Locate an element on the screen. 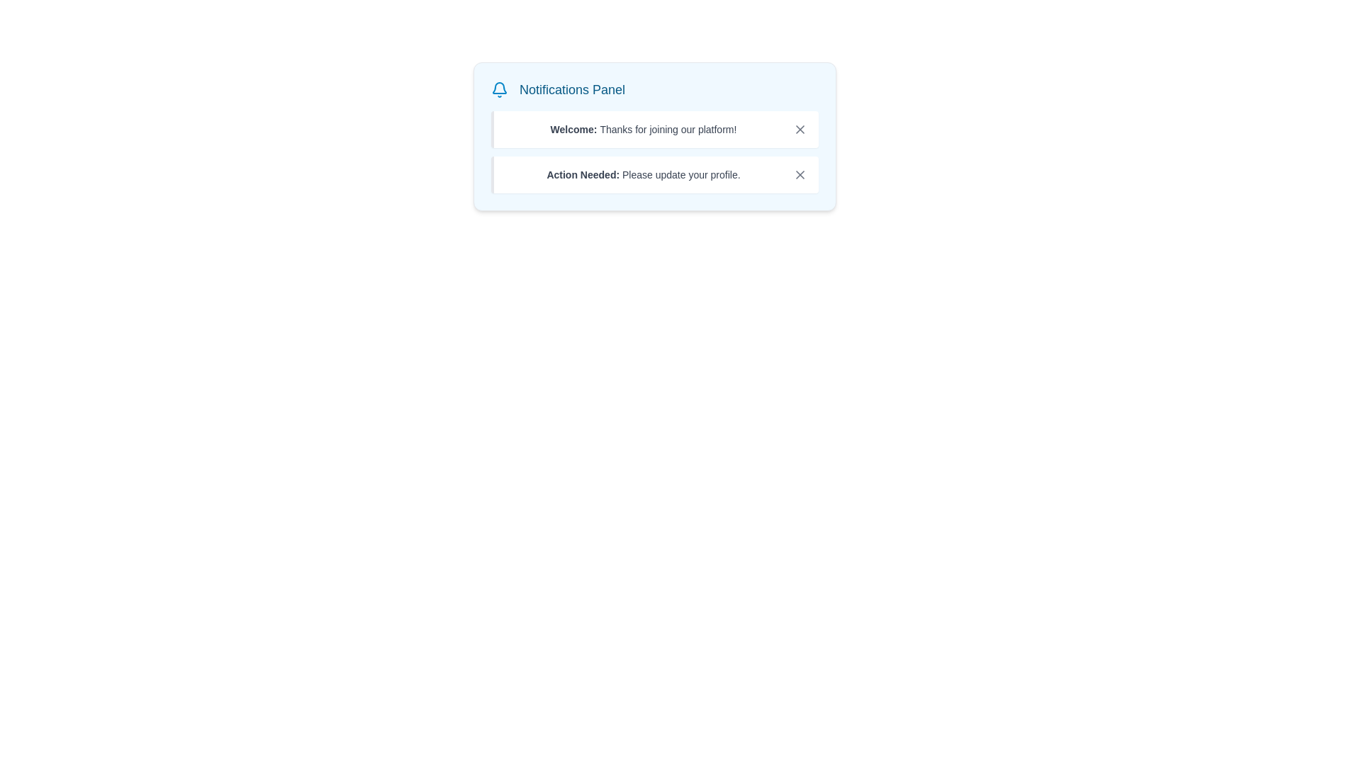  the close button icon located on the right side of the notification starting with 'Action Needed: Please update your profile.' is located at coordinates (800, 174).